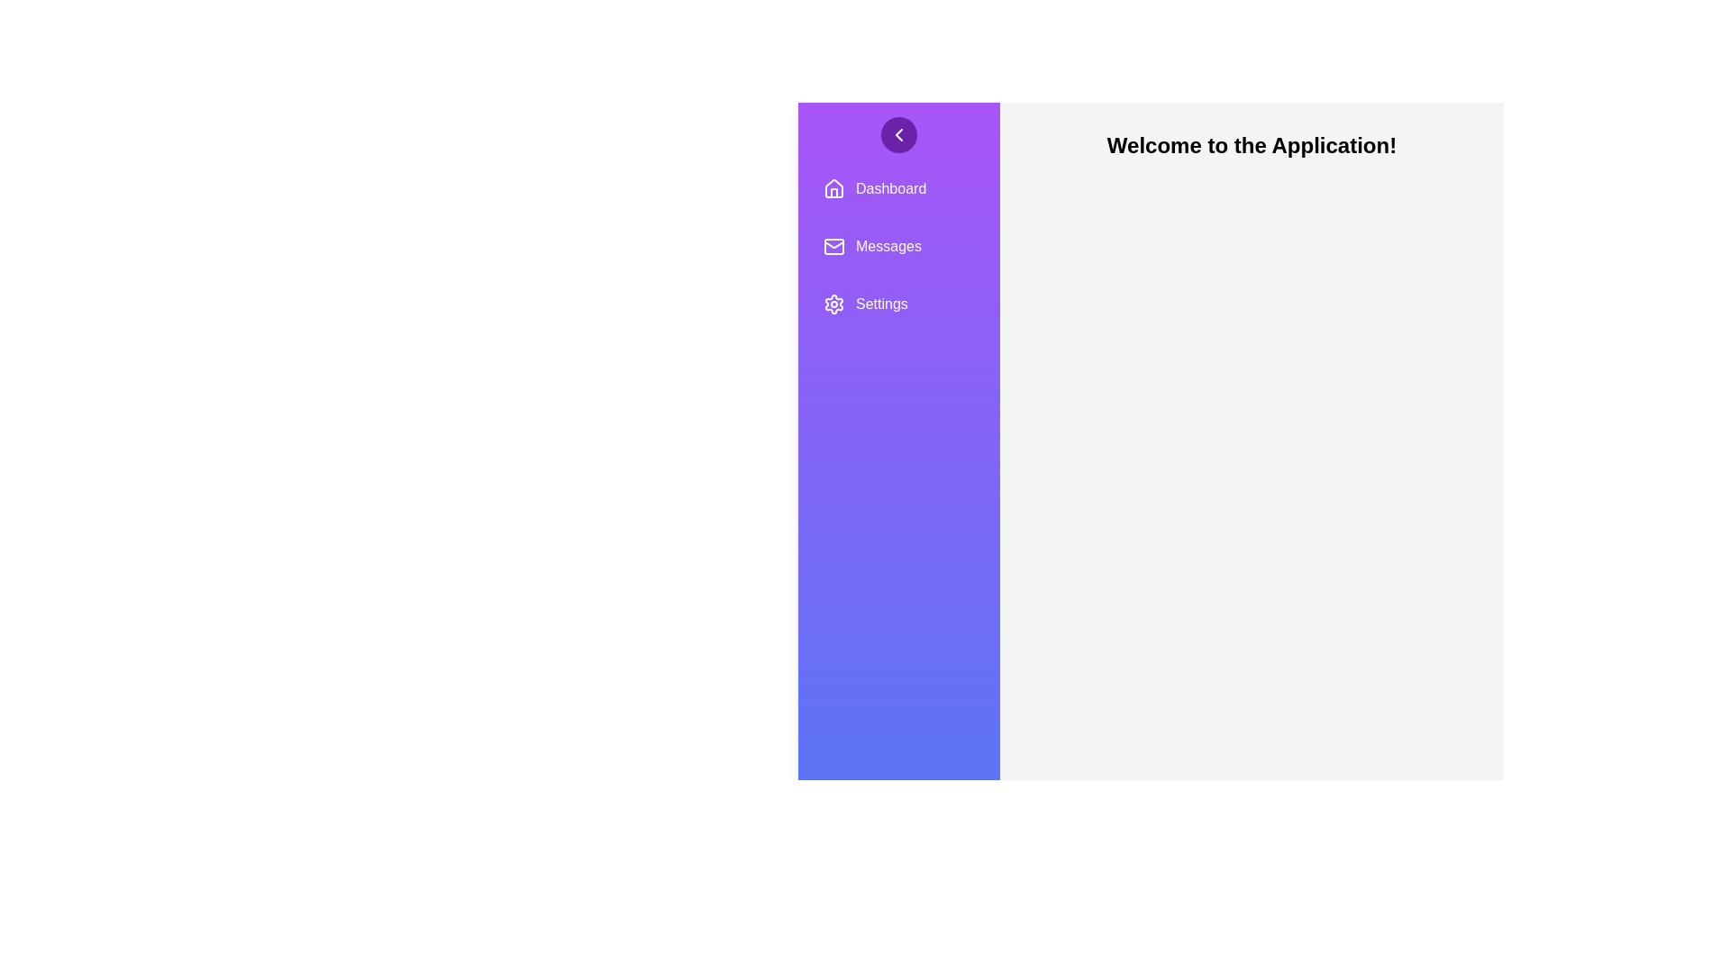 The width and height of the screenshot is (1730, 973). I want to click on the envelope icon in the side navigation menu, which is white and positioned to the left of the 'Messages' label, as the second item in the vertical sequence, so click(833, 246).